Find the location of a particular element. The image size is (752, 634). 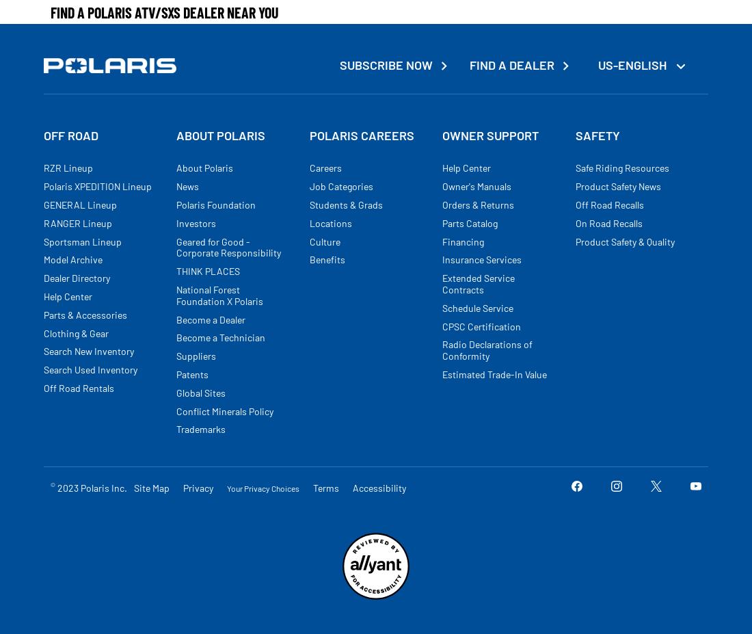

'On Road Recalls' is located at coordinates (608, 222).